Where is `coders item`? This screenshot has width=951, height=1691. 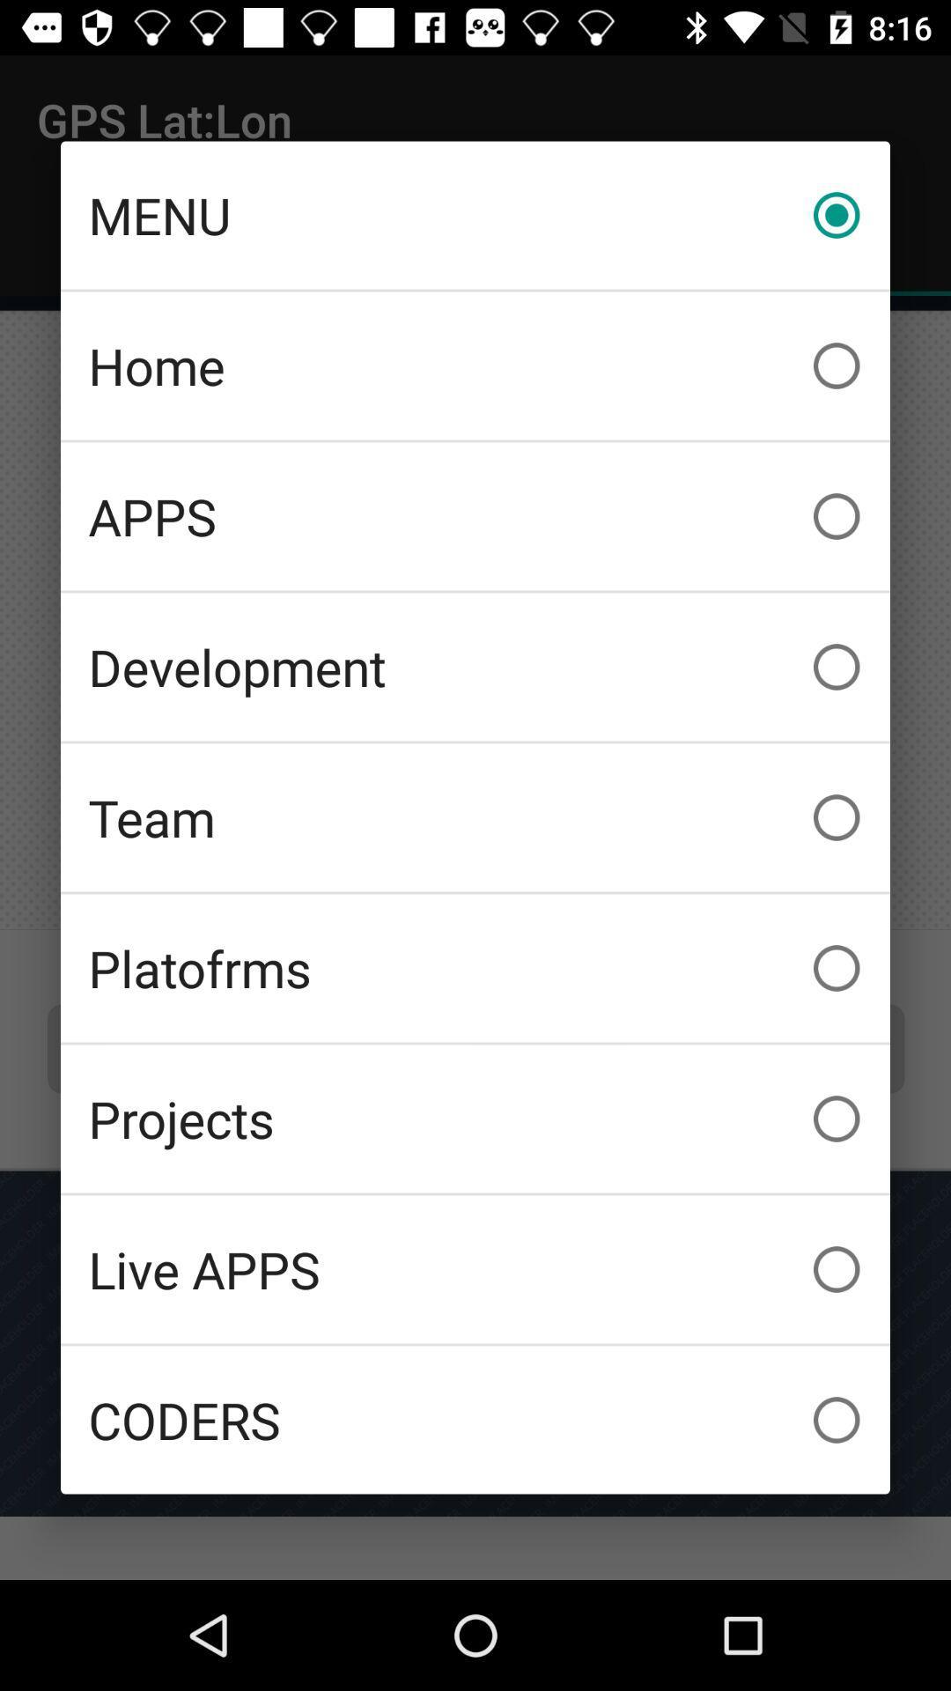
coders item is located at coordinates (475, 1420).